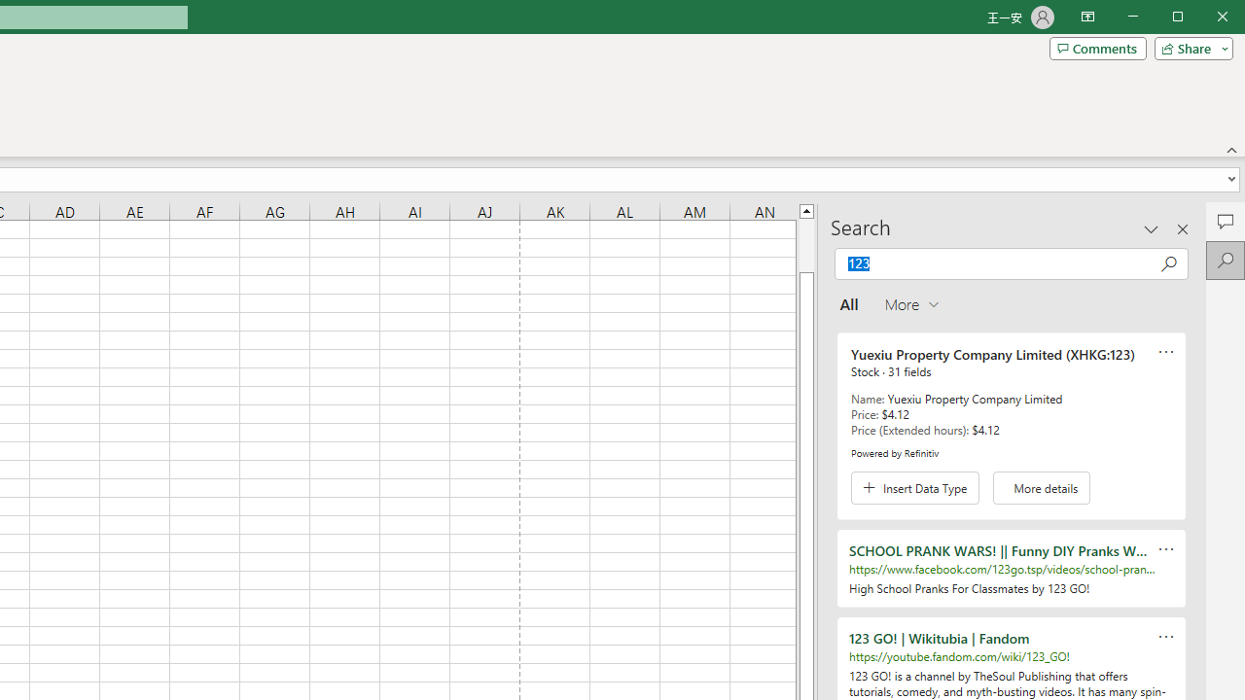 Image resolution: width=1245 pixels, height=700 pixels. Describe the element at coordinates (1204, 18) in the screenshot. I see `'Maximize'` at that location.